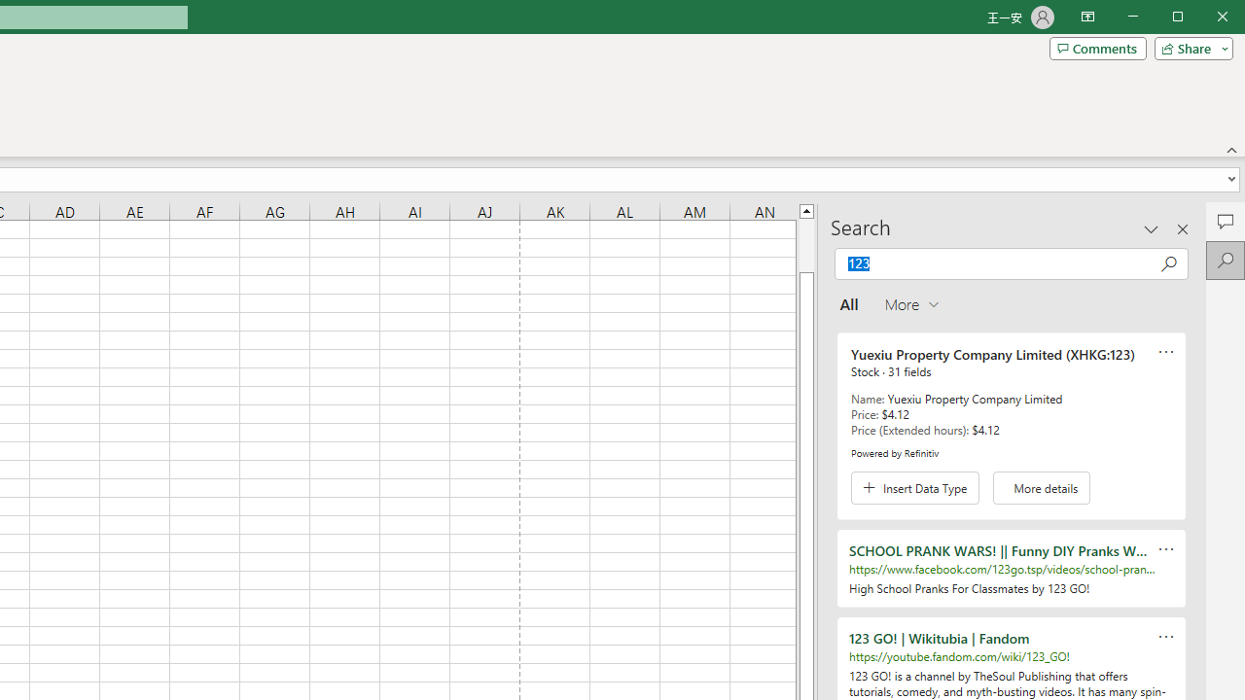 Image resolution: width=1245 pixels, height=700 pixels. Describe the element at coordinates (1204, 18) in the screenshot. I see `'Maximize'` at that location.